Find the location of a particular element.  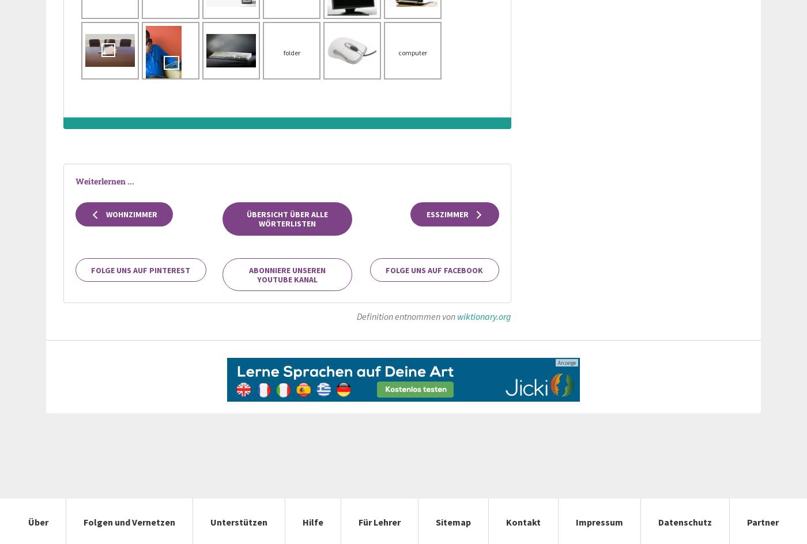

'Esszimmer' is located at coordinates (448, 214).